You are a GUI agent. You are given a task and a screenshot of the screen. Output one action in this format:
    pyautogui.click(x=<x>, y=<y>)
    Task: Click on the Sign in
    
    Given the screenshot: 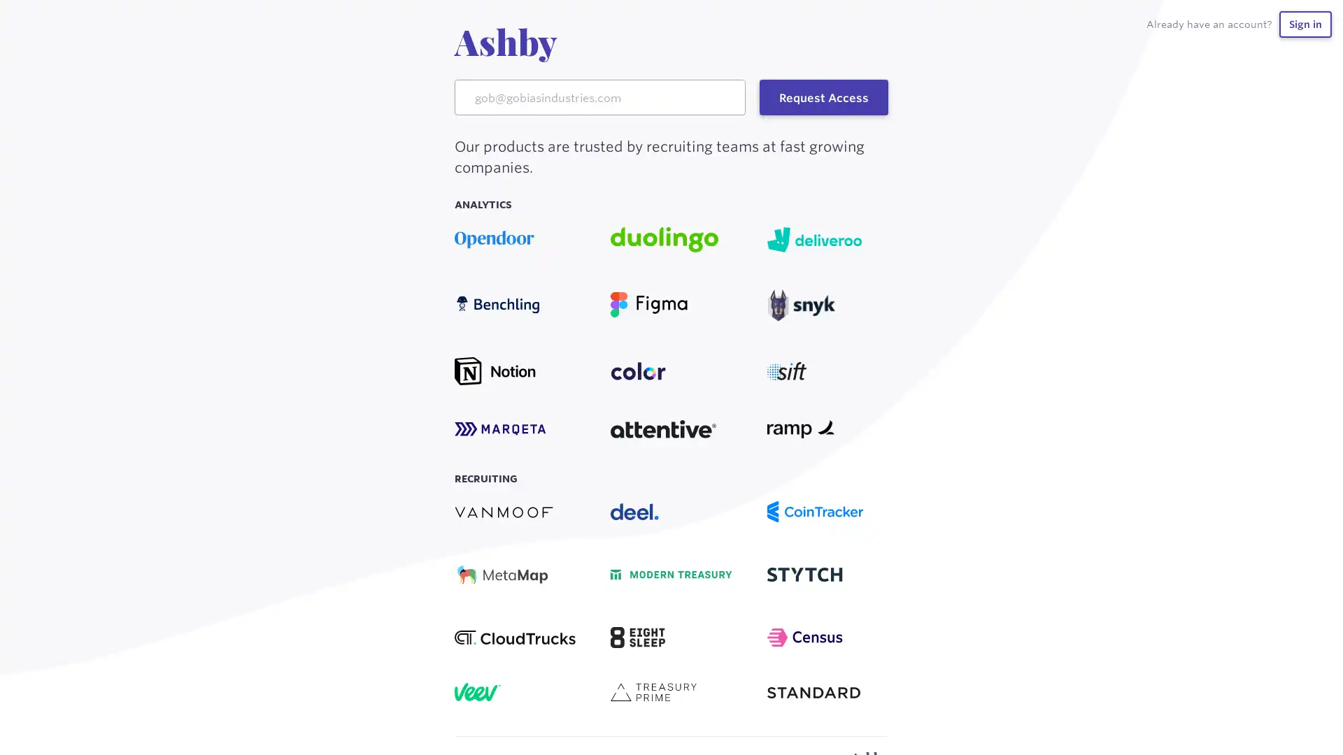 What is the action you would take?
    pyautogui.click(x=1305, y=24)
    